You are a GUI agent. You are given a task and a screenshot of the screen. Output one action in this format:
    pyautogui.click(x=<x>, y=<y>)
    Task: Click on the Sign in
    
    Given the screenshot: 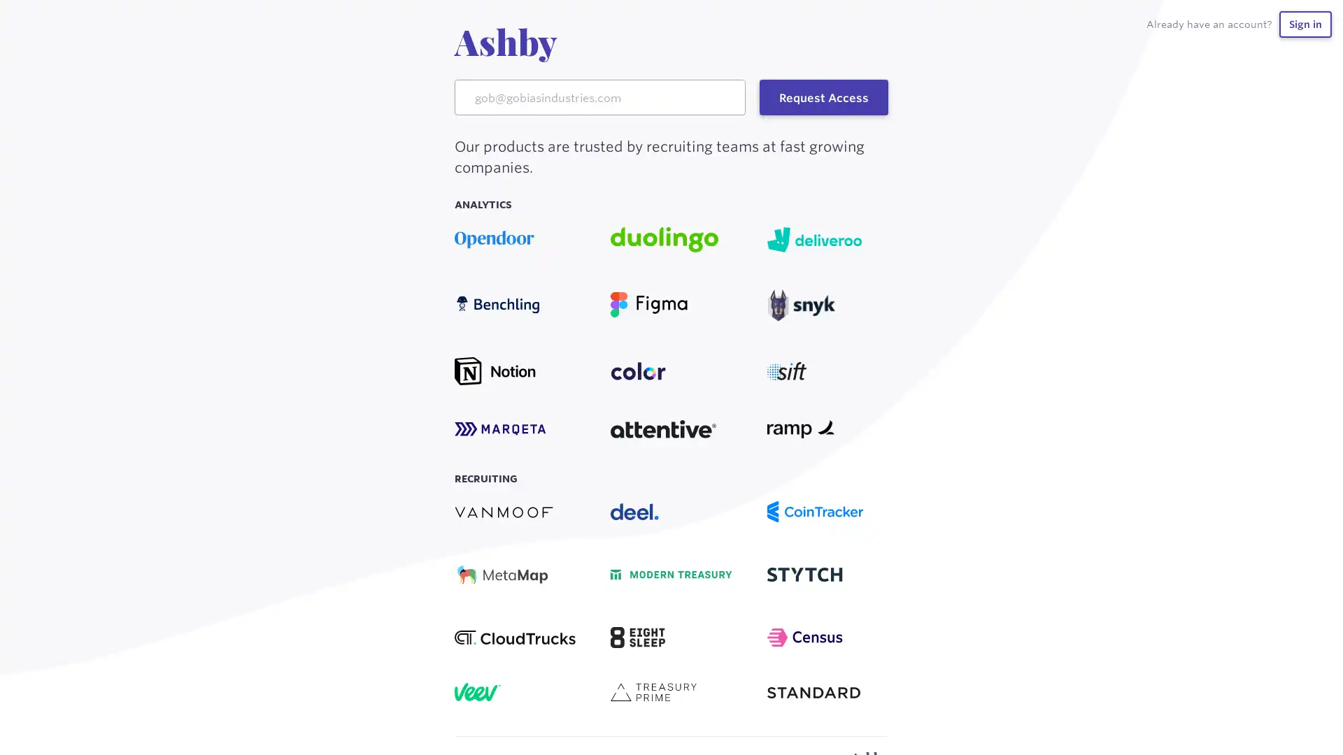 What is the action you would take?
    pyautogui.click(x=1305, y=24)
    